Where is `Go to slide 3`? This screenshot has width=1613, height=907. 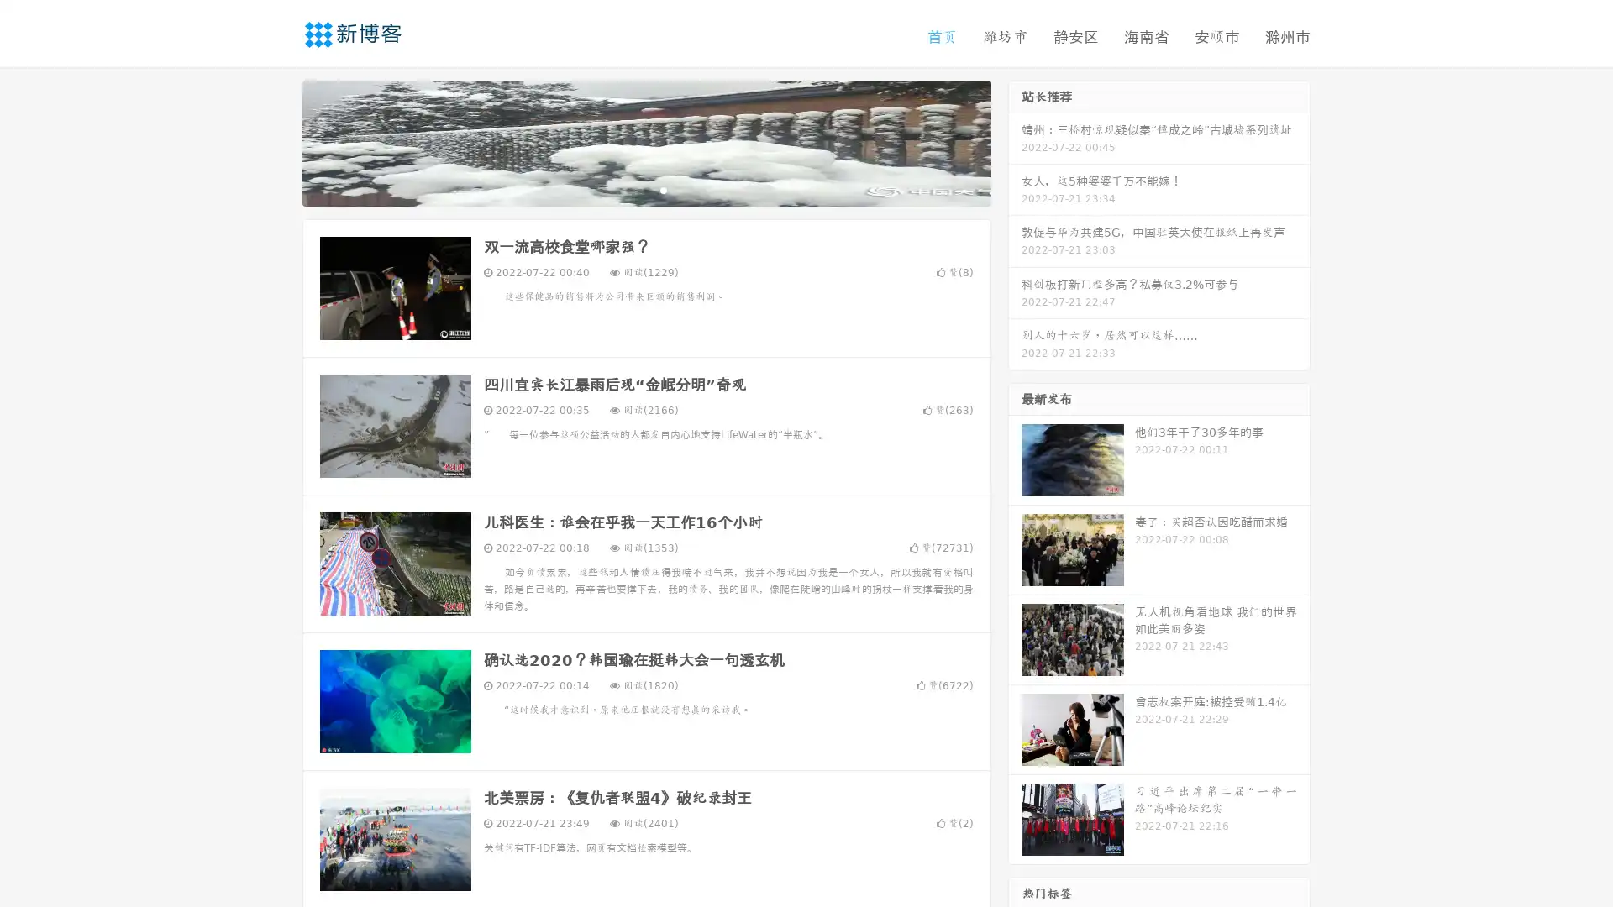
Go to slide 3 is located at coordinates (663, 189).